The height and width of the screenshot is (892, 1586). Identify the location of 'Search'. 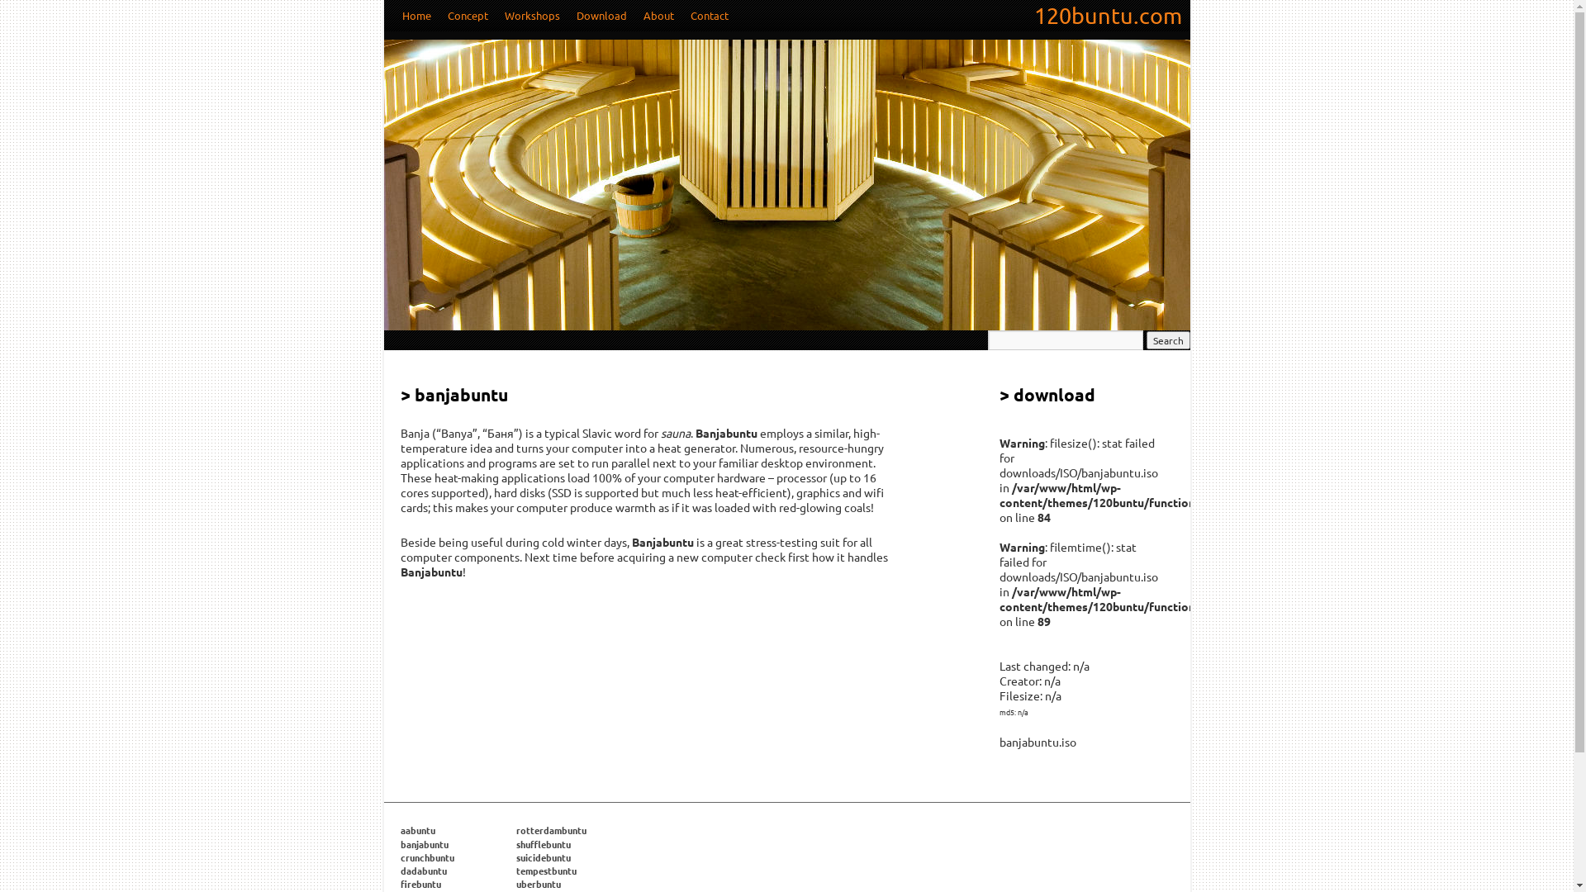
(1167, 339).